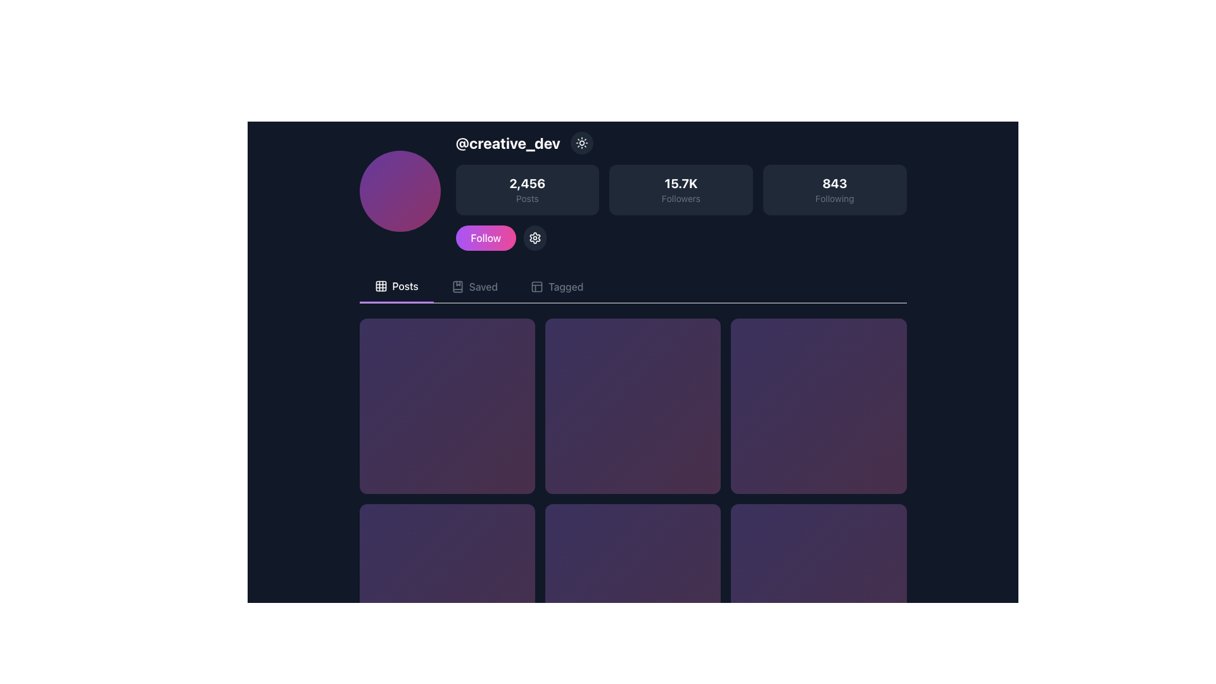 The height and width of the screenshot is (684, 1216). I want to click on the '15.7K Followers' text-based stat indicator located in the header section below the username '@creative_dev', positioned centrally between '2,456 Posts' and '843 Following', so click(680, 190).